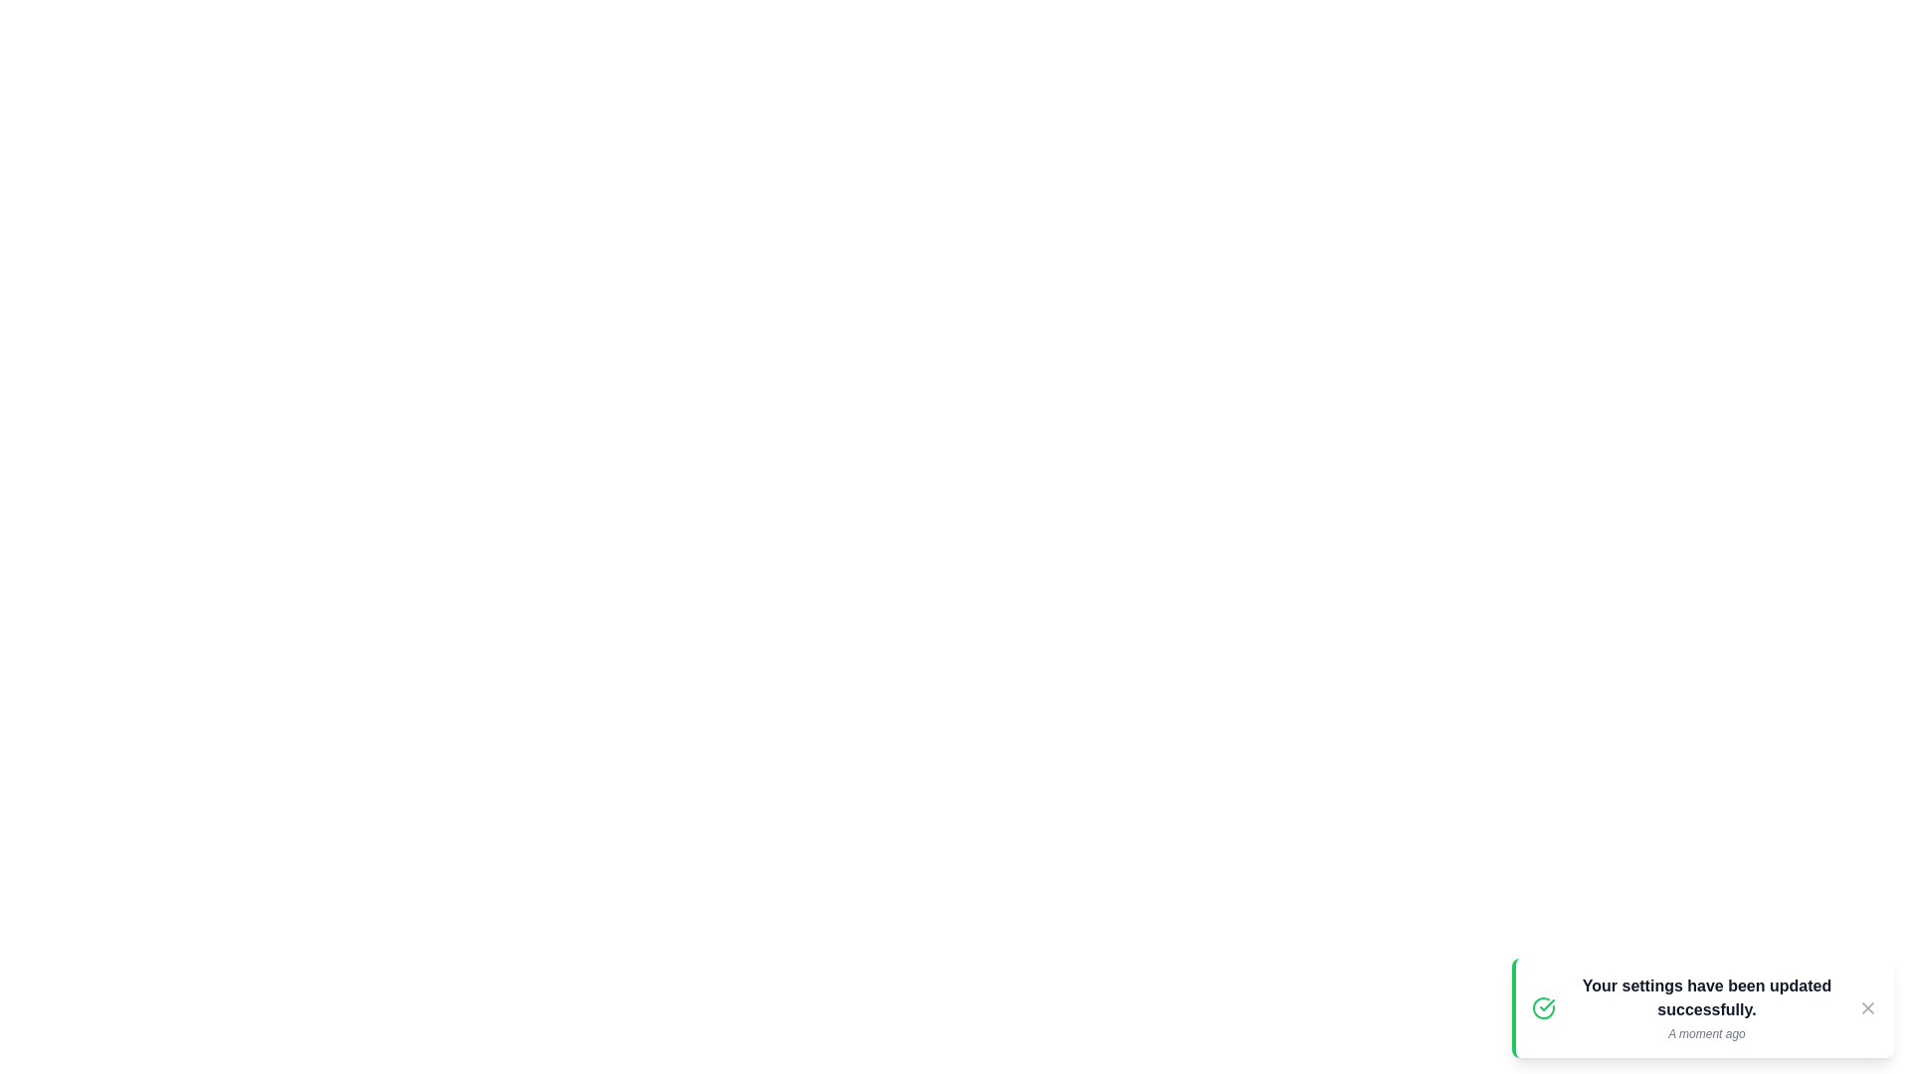 This screenshot has width=1910, height=1074. I want to click on close button at the top-right of the notification to dismiss it, so click(1866, 1008).